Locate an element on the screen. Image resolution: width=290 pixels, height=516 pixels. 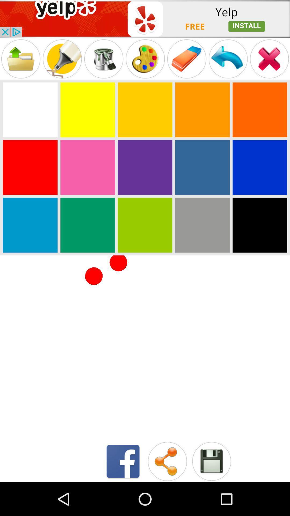
background page is located at coordinates (30, 225).